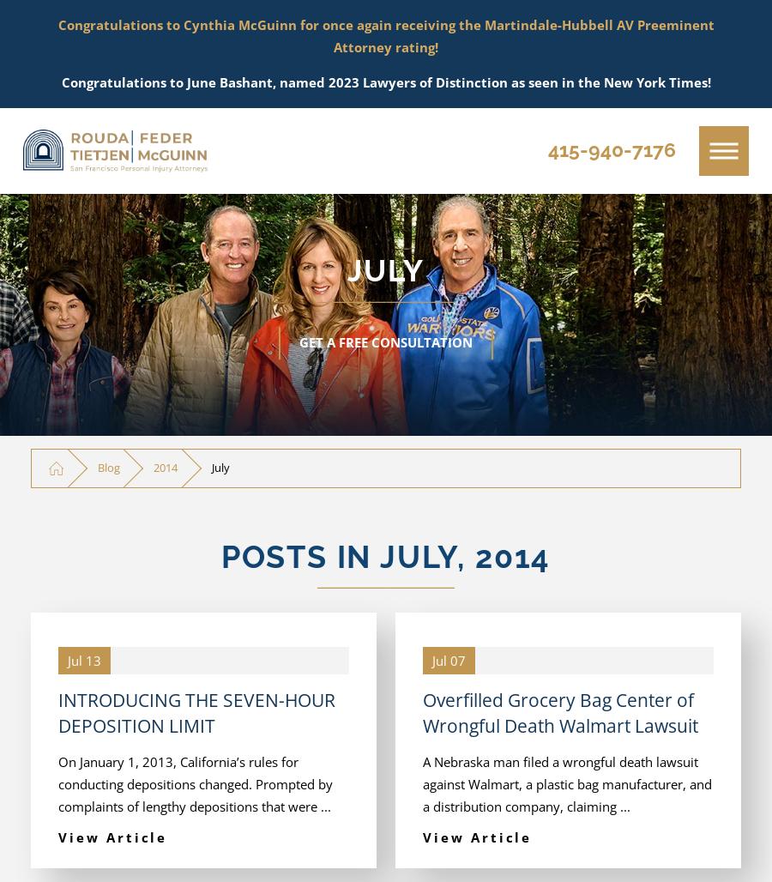 This screenshot has height=882, width=772. Describe the element at coordinates (146, 199) in the screenshot. I see `'September'` at that location.